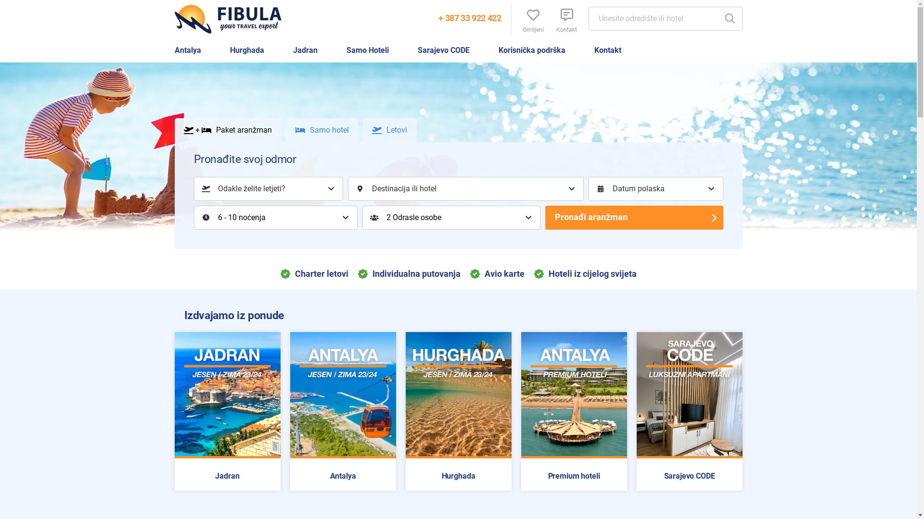 The width and height of the screenshot is (924, 519). Describe the element at coordinates (247, 50) in the screenshot. I see `'Hurghada'` at that location.